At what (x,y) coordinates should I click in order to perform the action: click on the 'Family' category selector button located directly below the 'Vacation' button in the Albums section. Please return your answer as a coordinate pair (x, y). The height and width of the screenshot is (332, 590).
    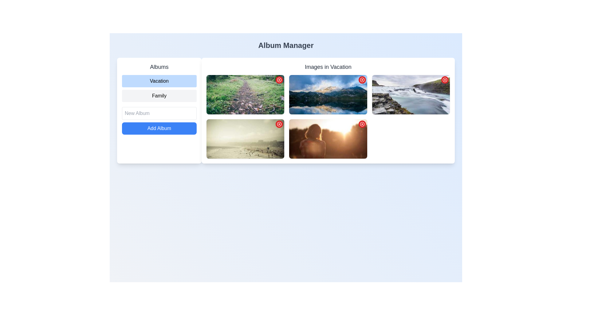
    Looking at the image, I should click on (159, 96).